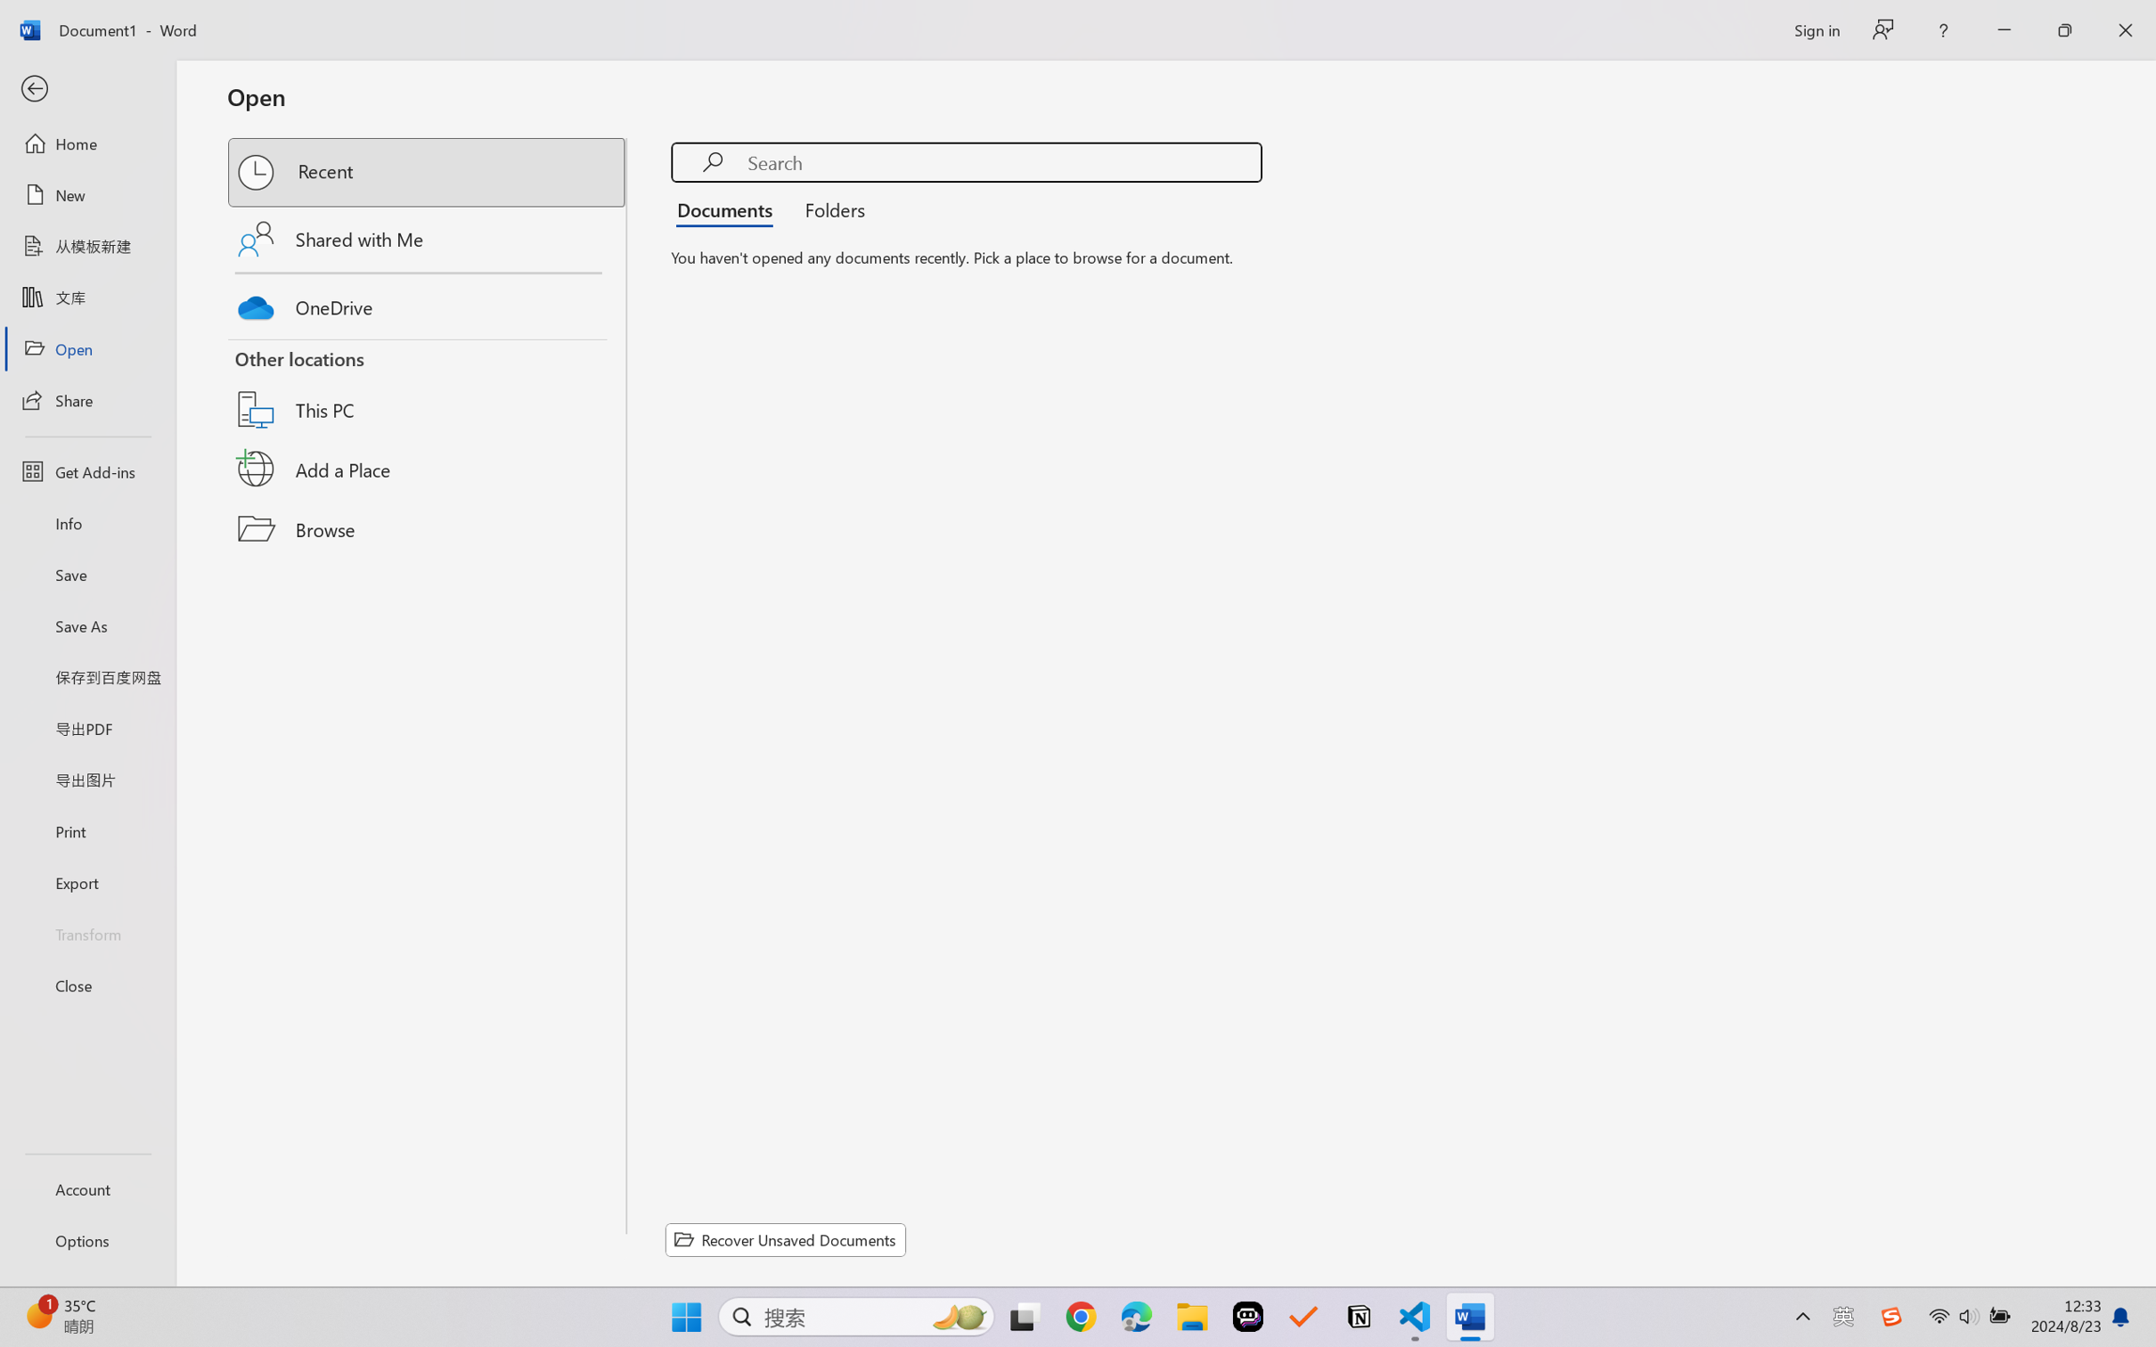 The width and height of the screenshot is (2156, 1347). What do you see at coordinates (829, 208) in the screenshot?
I see `'Folders'` at bounding box center [829, 208].